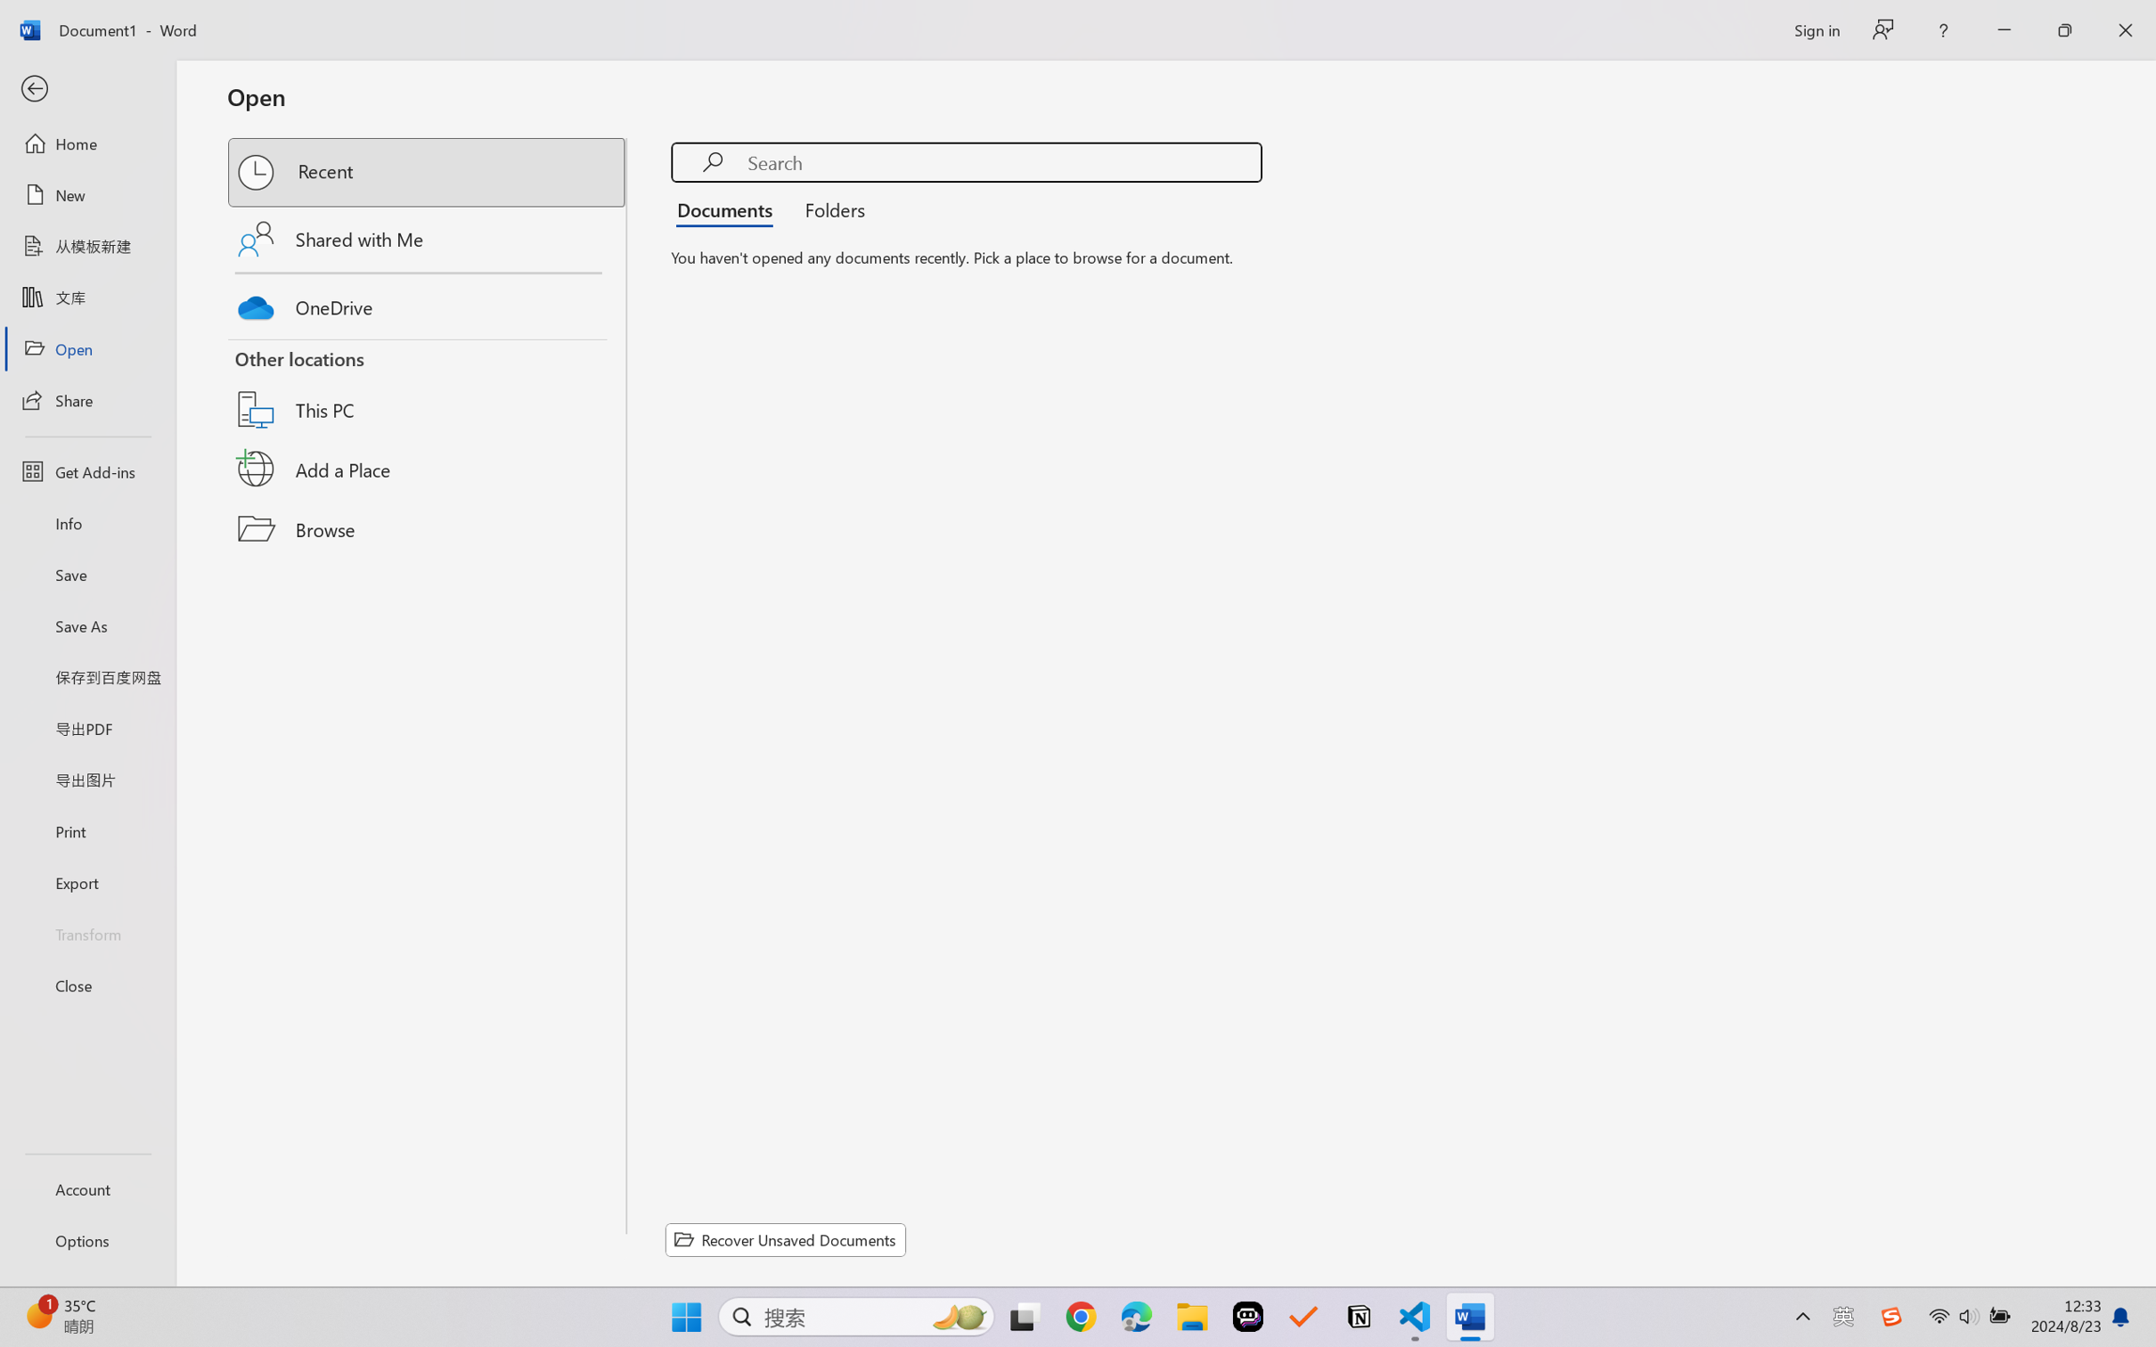 The width and height of the screenshot is (2156, 1347). What do you see at coordinates (829, 208) in the screenshot?
I see `'Folders'` at bounding box center [829, 208].